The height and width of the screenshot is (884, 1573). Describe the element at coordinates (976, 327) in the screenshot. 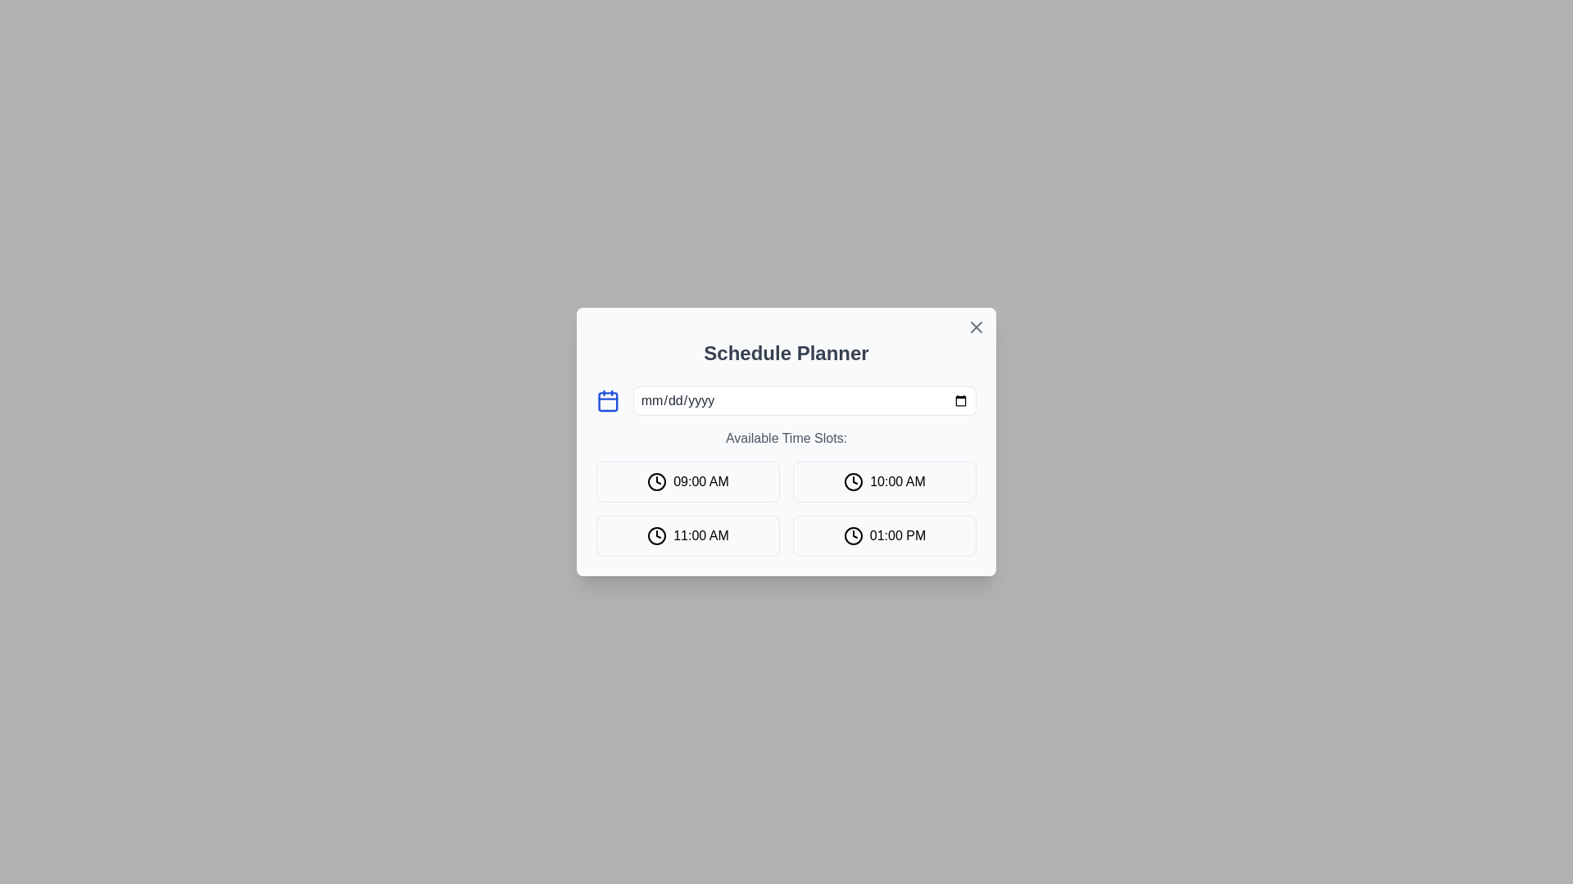

I see `the close button icon located in the top-right corner of the modal dialog to observe a color change` at that location.